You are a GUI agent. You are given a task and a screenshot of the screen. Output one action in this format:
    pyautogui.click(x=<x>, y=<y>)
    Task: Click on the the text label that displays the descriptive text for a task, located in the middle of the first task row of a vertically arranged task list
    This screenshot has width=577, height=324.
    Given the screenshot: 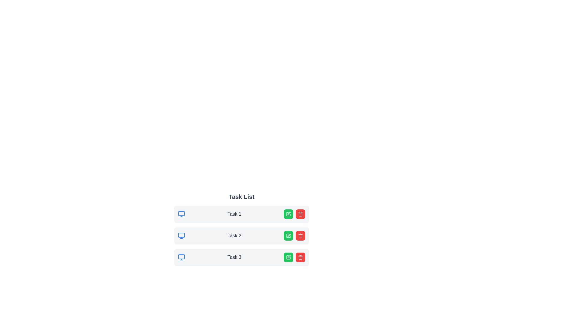 What is the action you would take?
    pyautogui.click(x=234, y=214)
    